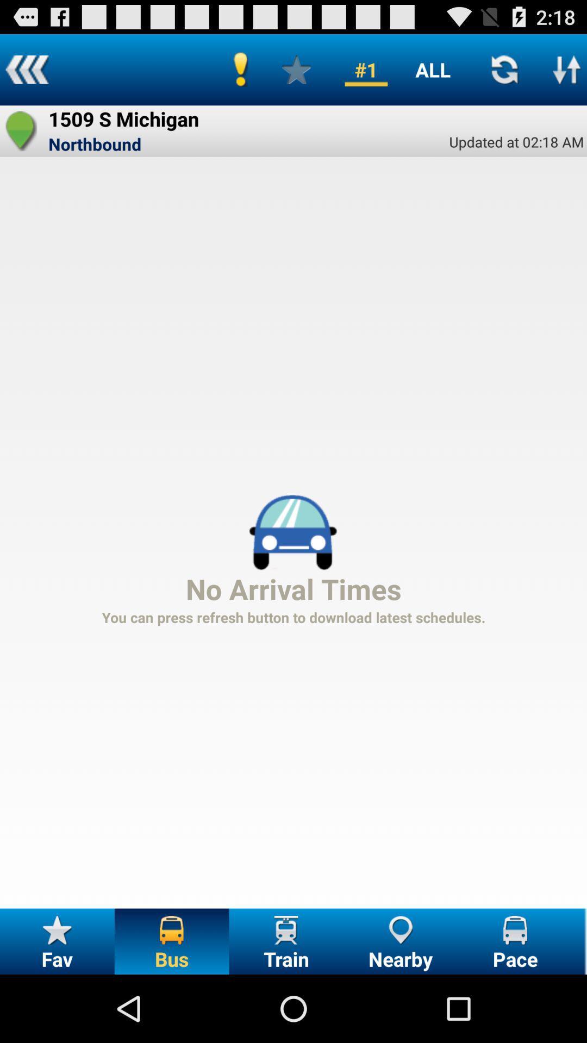 The width and height of the screenshot is (587, 1043). Describe the element at coordinates (296, 69) in the screenshot. I see `the button to the left of   #1` at that location.